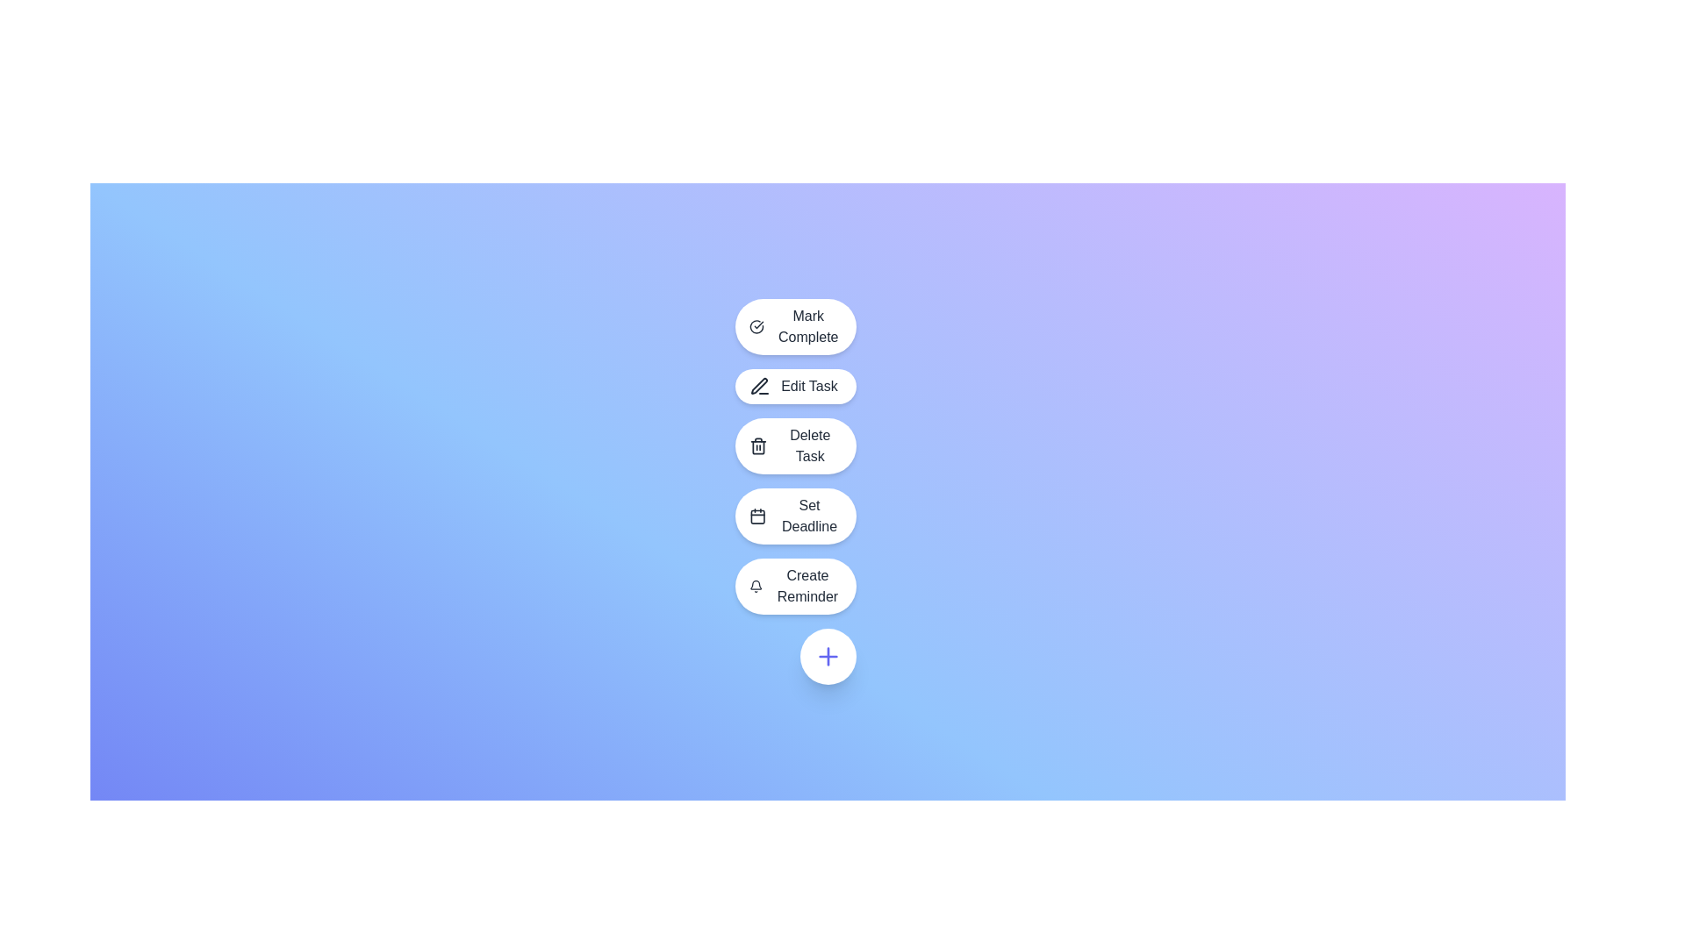 This screenshot has width=1685, height=947. Describe the element at coordinates (794, 516) in the screenshot. I see `the 'Set Deadline' button, which is a rounded button with a white background and a calendar icon, located between the 'Delete Task' button and the 'Create Reminder' button` at that location.